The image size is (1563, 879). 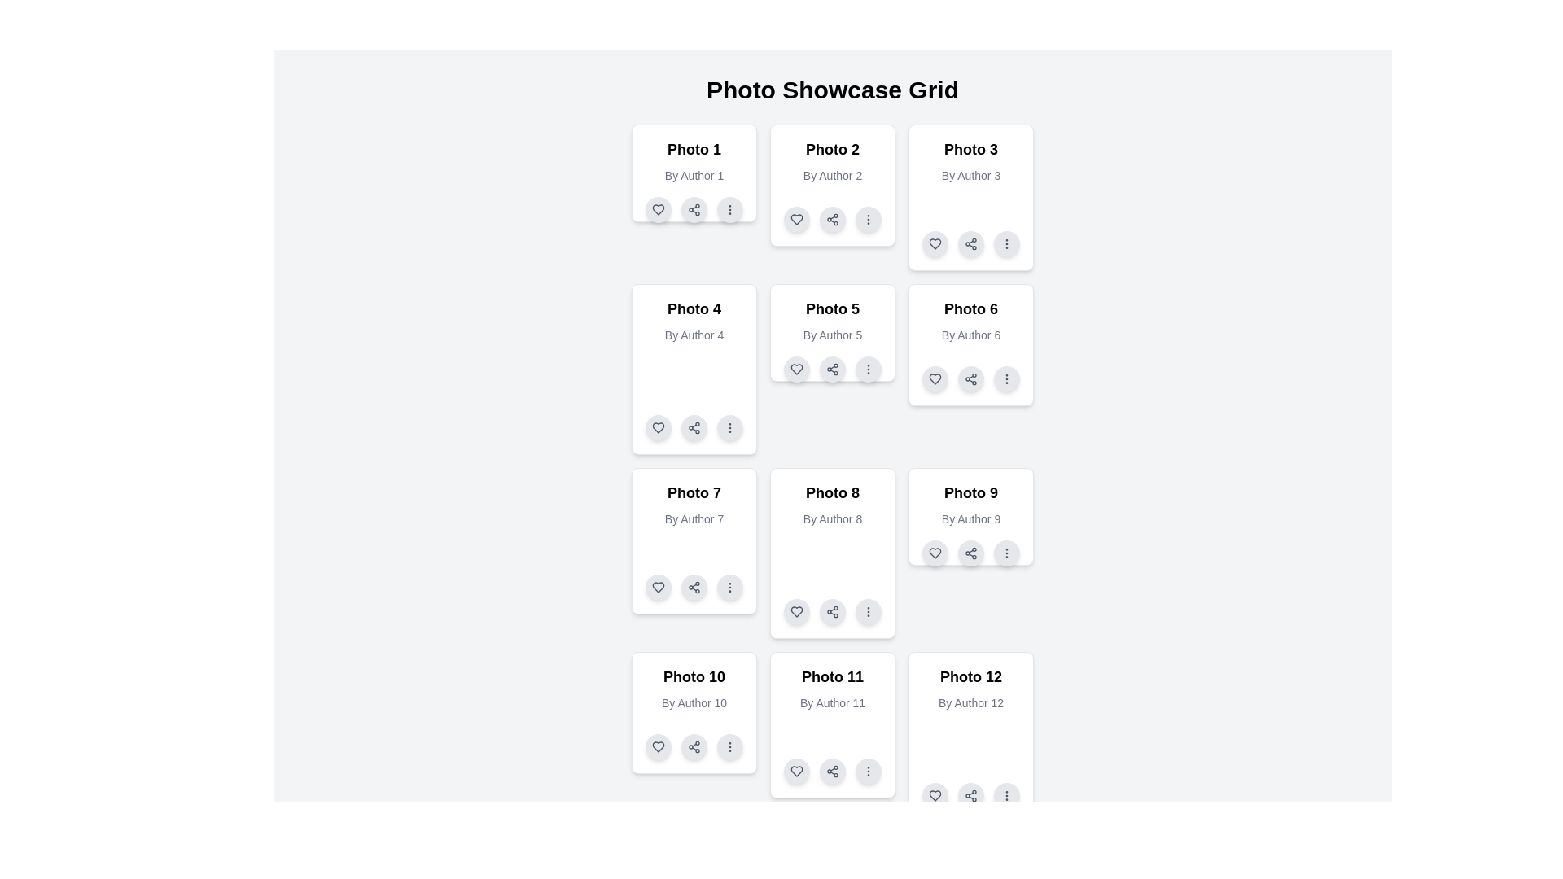 I want to click on the like button located at the bottom-left of the 'Photo 8' card in the fourth row of the photo showcase grid, so click(x=797, y=612).